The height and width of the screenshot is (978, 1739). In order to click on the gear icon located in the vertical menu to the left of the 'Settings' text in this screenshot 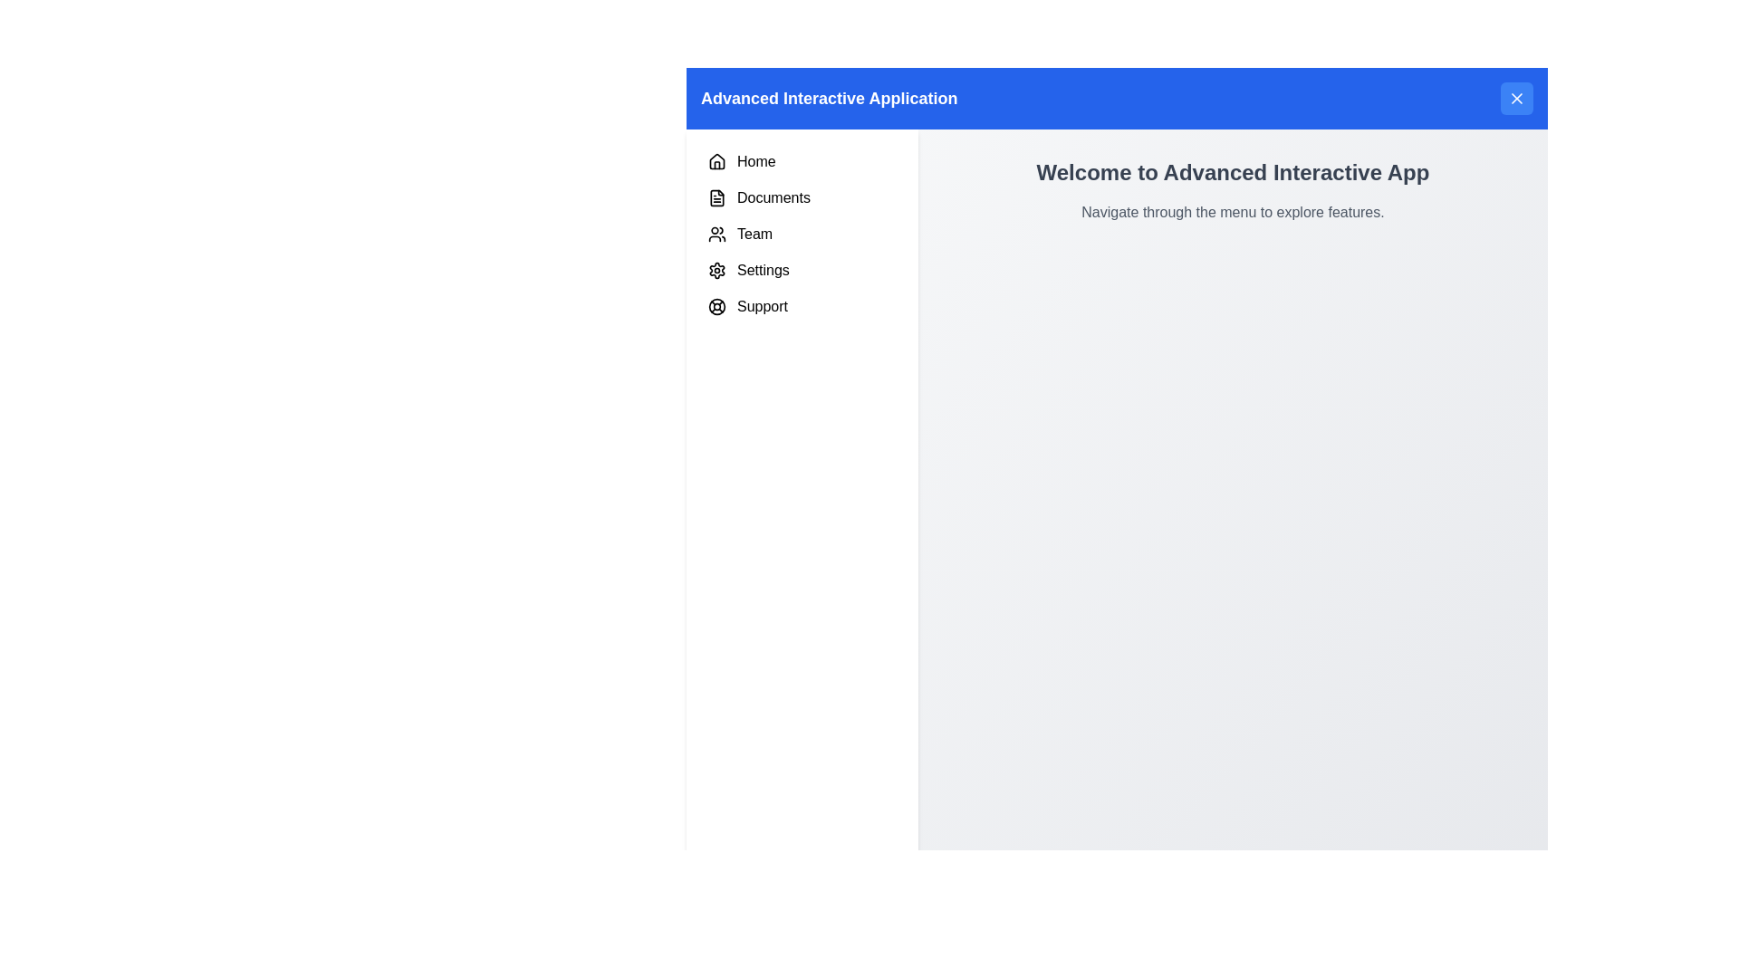, I will do `click(716, 271)`.